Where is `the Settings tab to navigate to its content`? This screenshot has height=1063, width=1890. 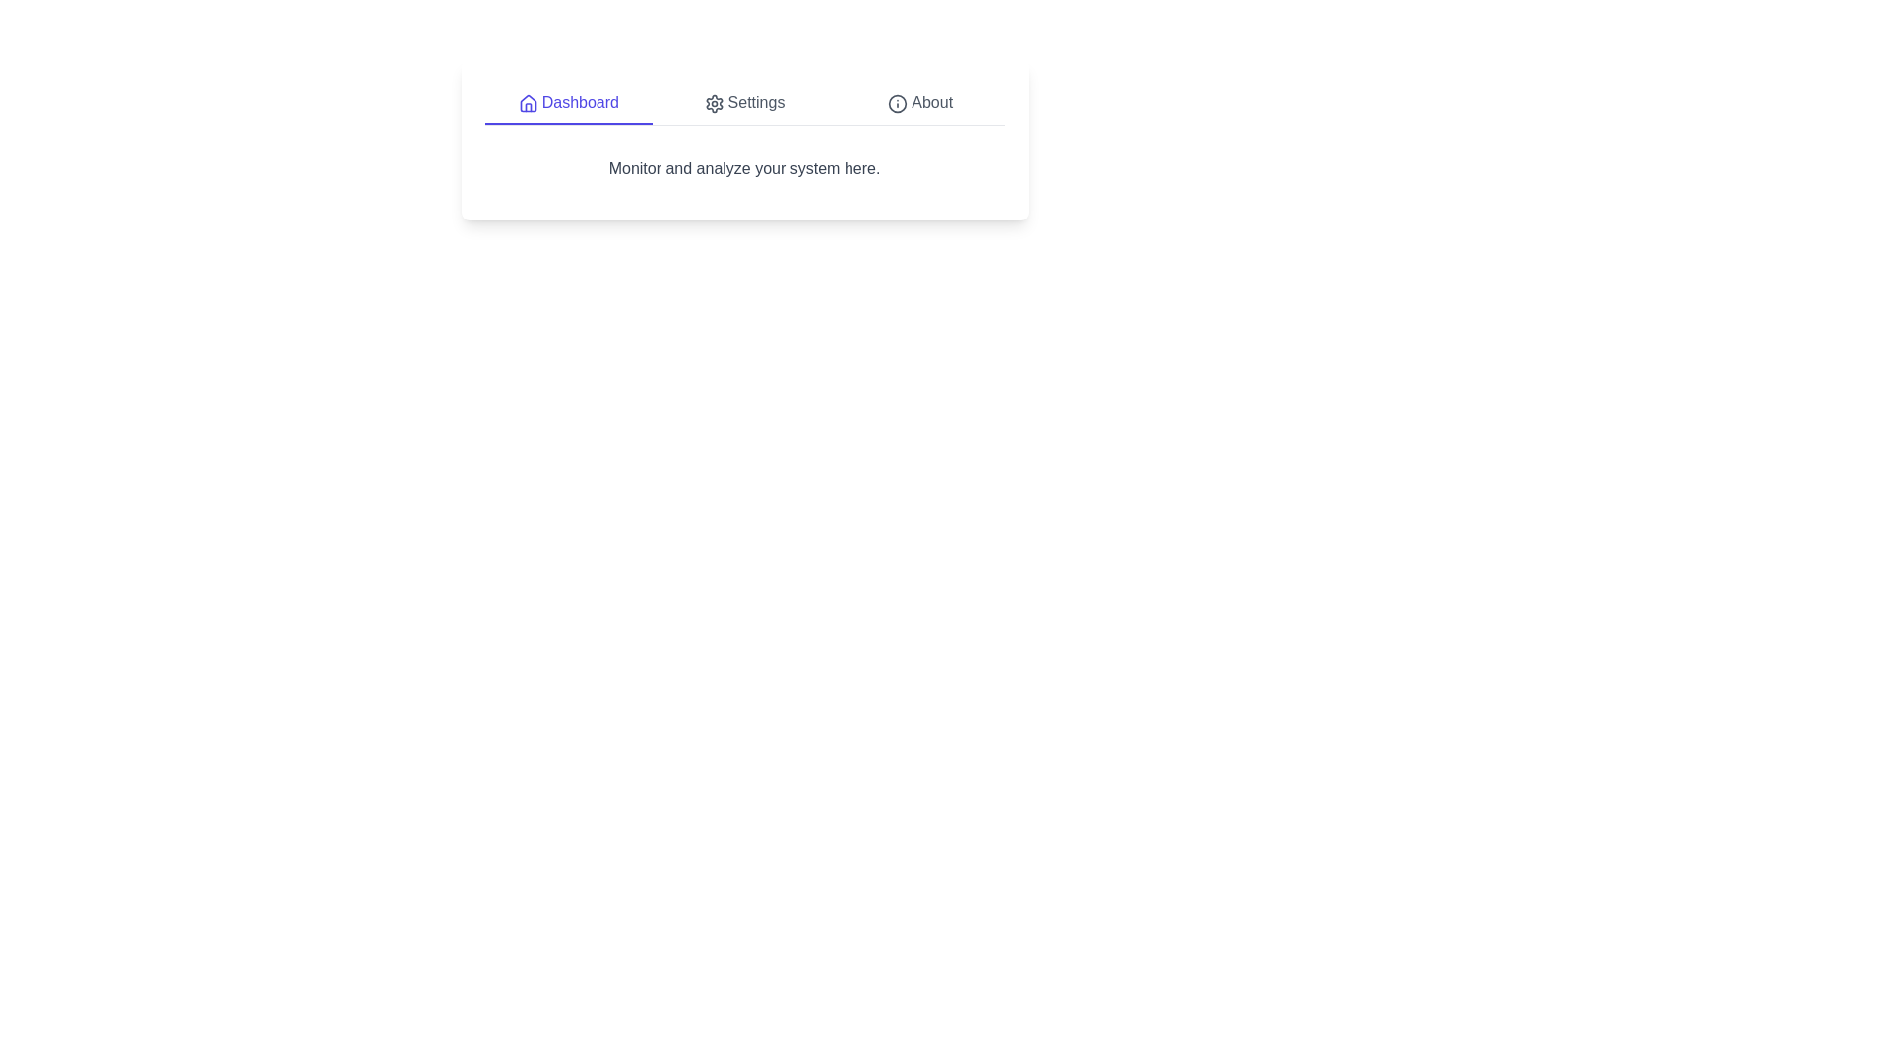 the Settings tab to navigate to its content is located at coordinates (743, 103).